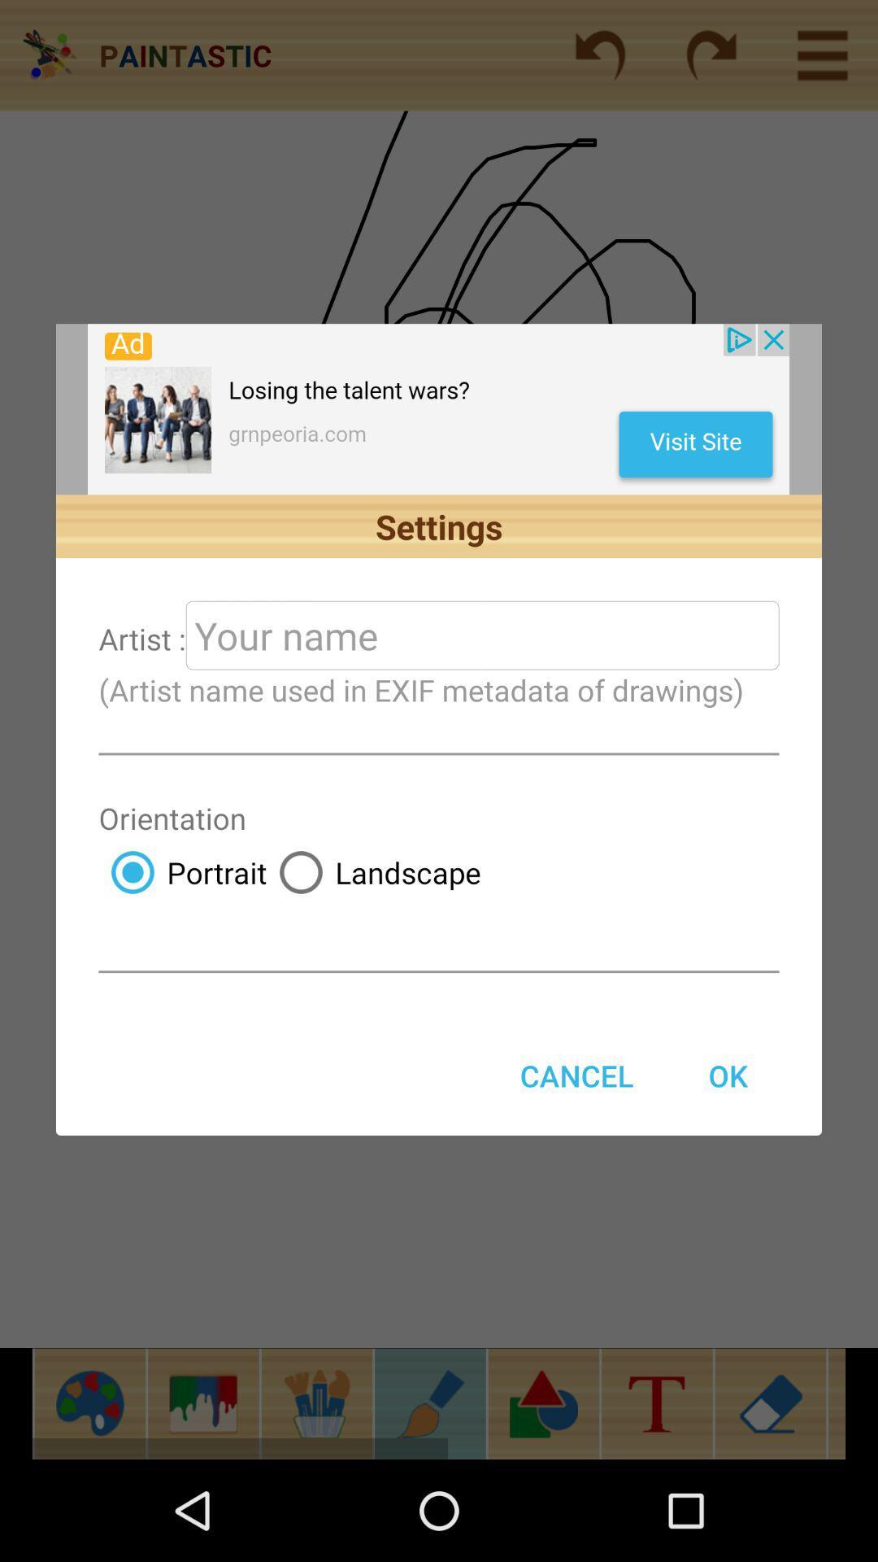 This screenshot has height=1562, width=878. Describe the element at coordinates (437, 409) in the screenshot. I see `advertisement` at that location.